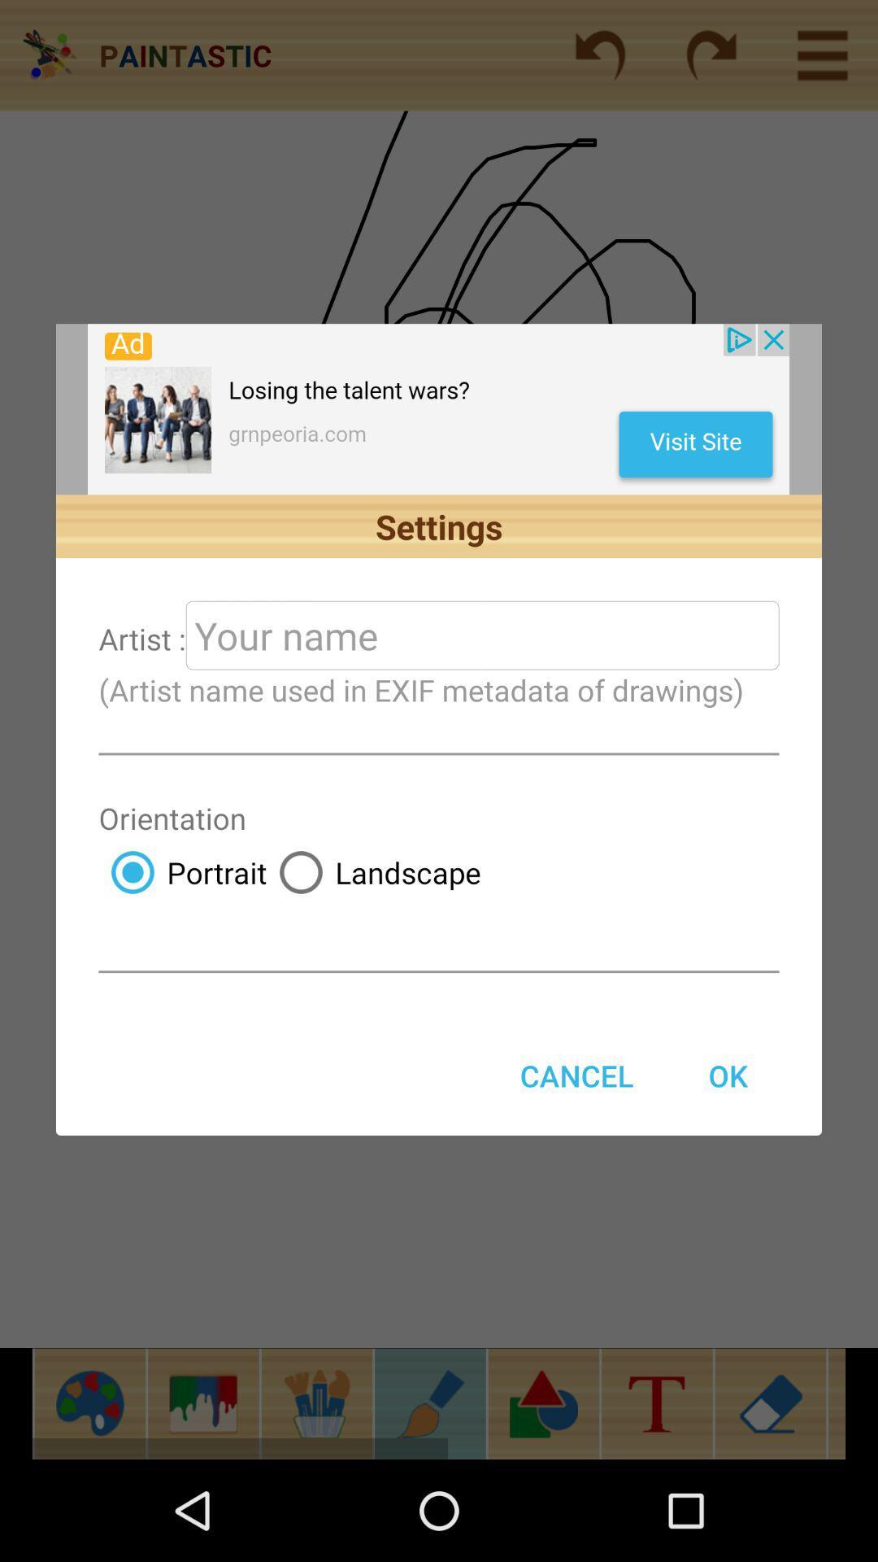 This screenshot has height=1562, width=878. Describe the element at coordinates (437, 409) in the screenshot. I see `advertisement` at that location.